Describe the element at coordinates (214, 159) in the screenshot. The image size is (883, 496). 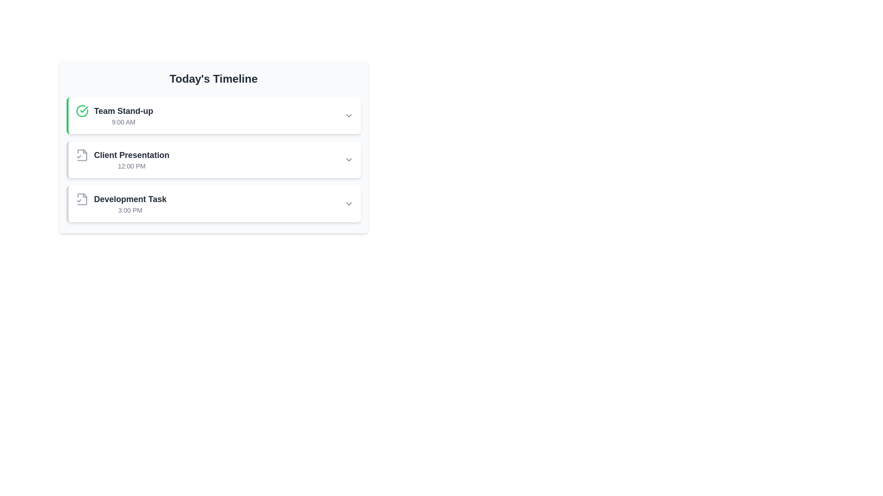
I see `the timeline entry for 'Client Presentation' scheduled at 12:00 PM` at that location.